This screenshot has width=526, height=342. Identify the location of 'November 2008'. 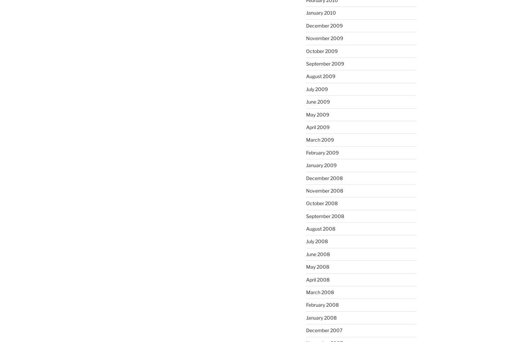
(324, 190).